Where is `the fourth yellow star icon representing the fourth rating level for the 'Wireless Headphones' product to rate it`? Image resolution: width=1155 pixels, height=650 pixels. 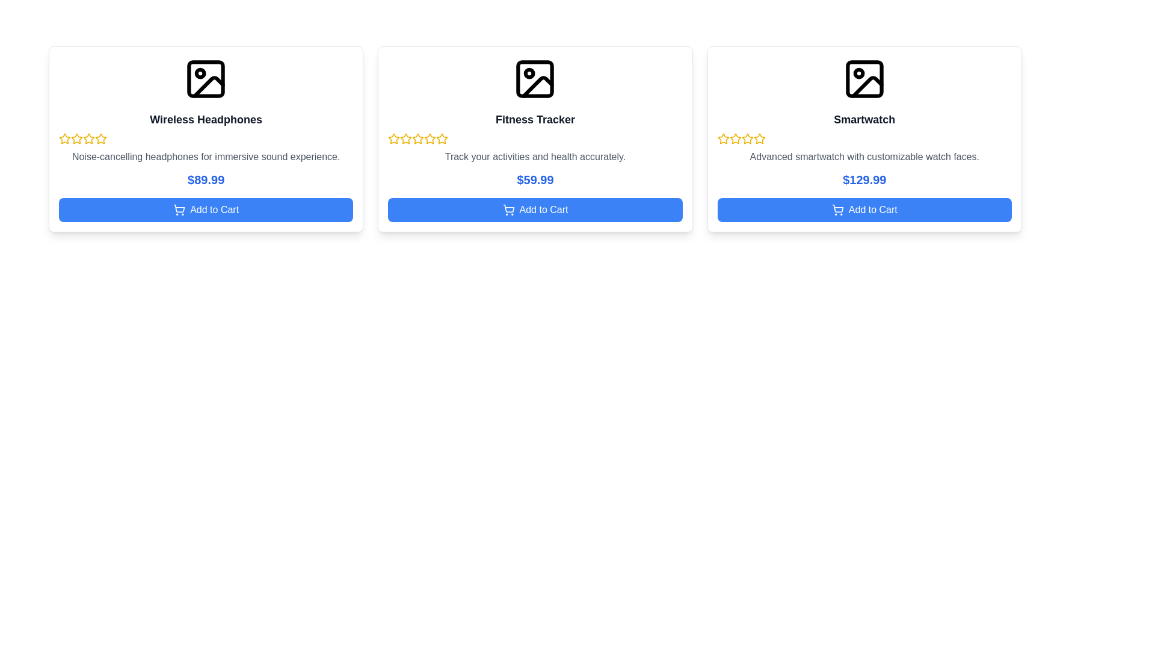
the fourth yellow star icon representing the fourth rating level for the 'Wireless Headphones' product to rate it is located at coordinates (101, 138).